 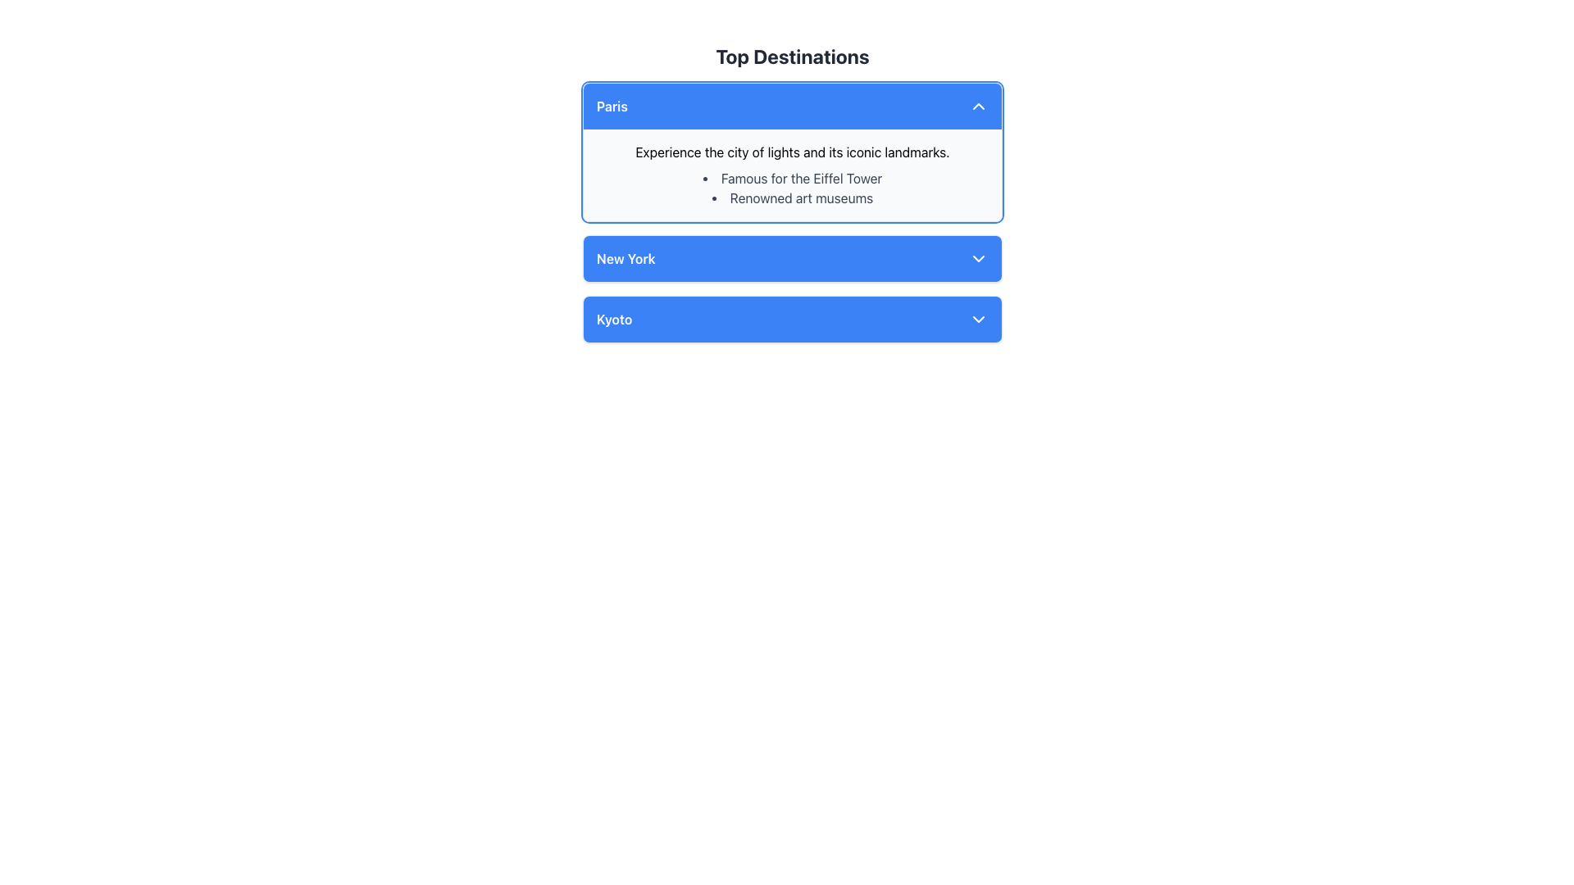 What do you see at coordinates (792, 319) in the screenshot?
I see `the Dropdown Toggle Button for 'Kyoto'` at bounding box center [792, 319].